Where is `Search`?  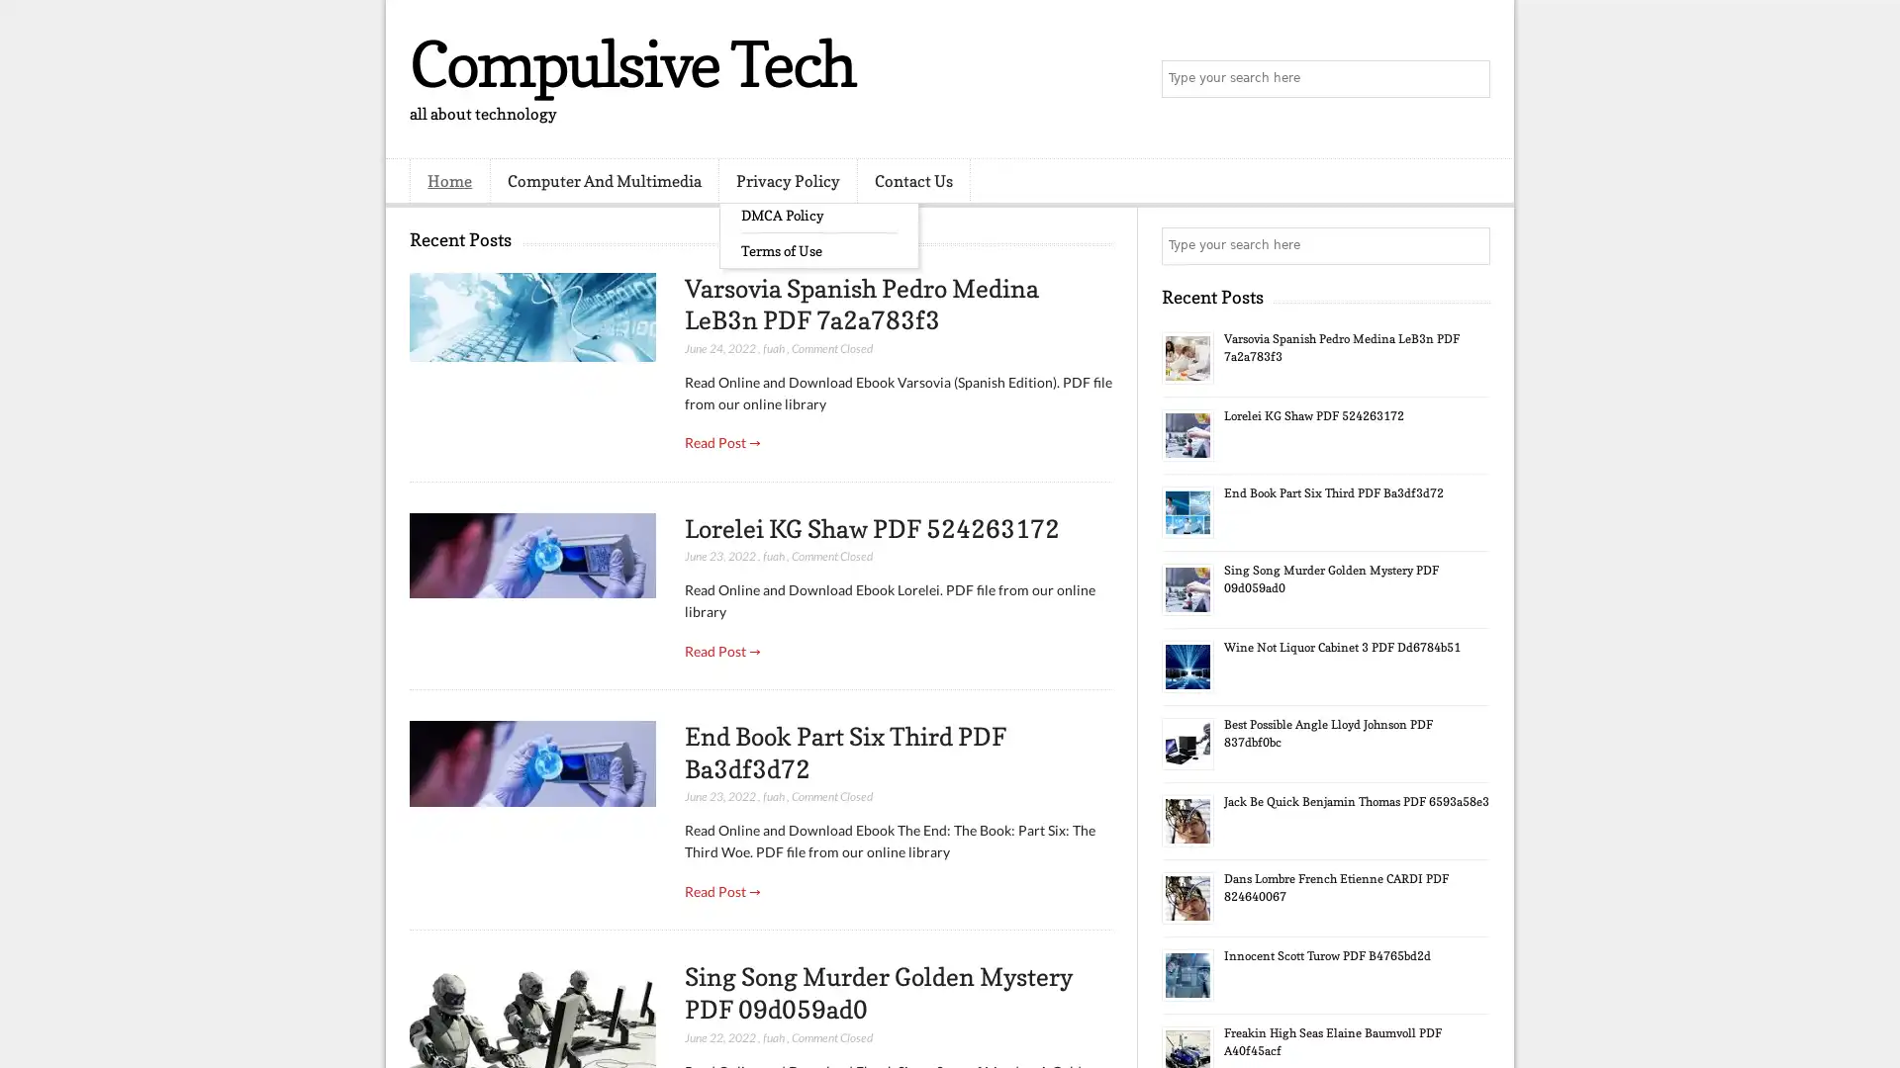 Search is located at coordinates (1470, 245).